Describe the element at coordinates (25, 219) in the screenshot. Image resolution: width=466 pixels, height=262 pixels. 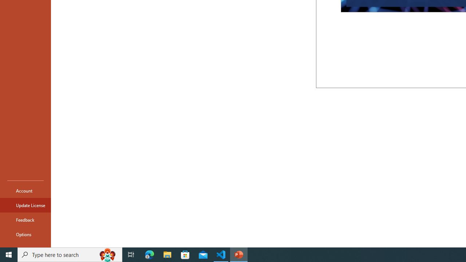
I see `'Feedback'` at that location.